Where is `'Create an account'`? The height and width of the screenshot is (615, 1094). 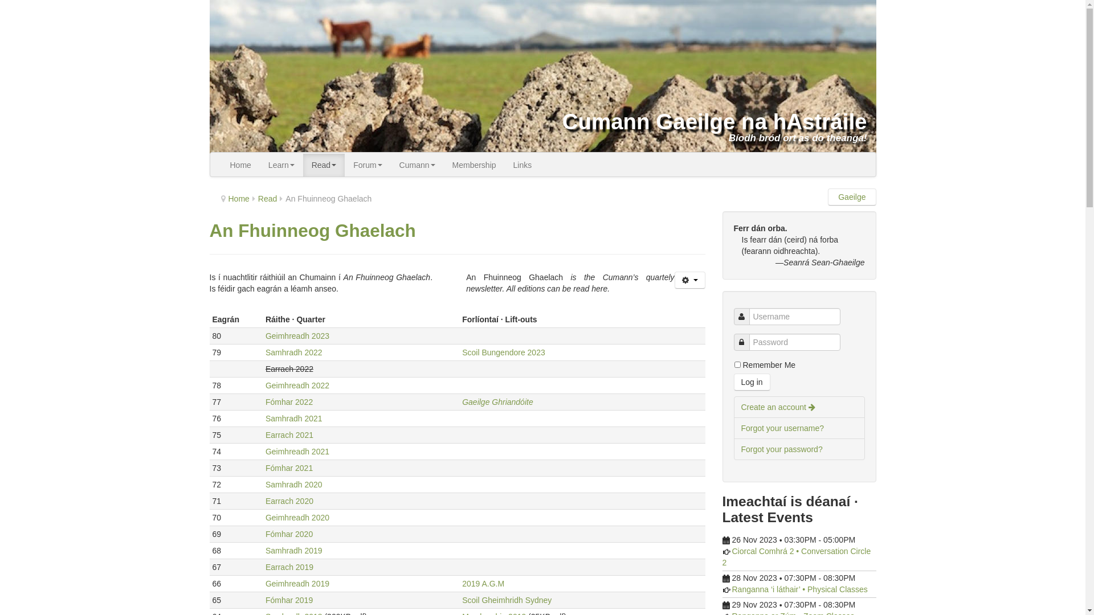 'Create an account' is located at coordinates (798, 406).